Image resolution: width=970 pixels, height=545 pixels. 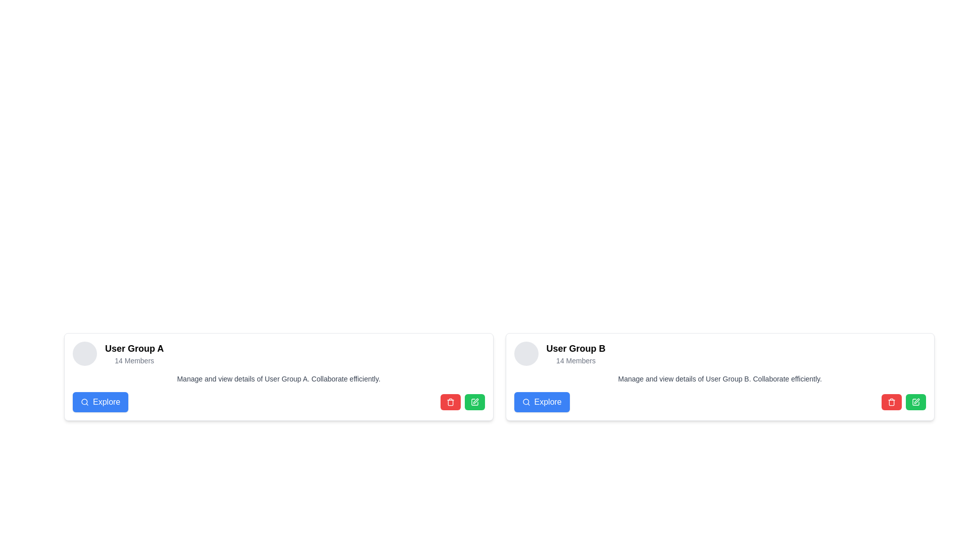 What do you see at coordinates (525, 402) in the screenshot?
I see `the magnifying glass icon, which is visually styled with a circular lens and a small handle, located inside the blue button labeled 'Explore' for 'User Group B'` at bounding box center [525, 402].